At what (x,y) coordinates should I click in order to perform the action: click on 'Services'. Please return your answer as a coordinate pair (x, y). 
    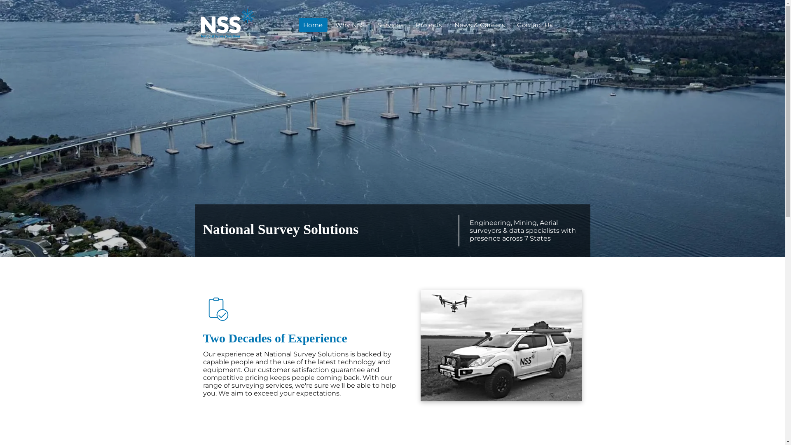
    Looking at the image, I should click on (372, 24).